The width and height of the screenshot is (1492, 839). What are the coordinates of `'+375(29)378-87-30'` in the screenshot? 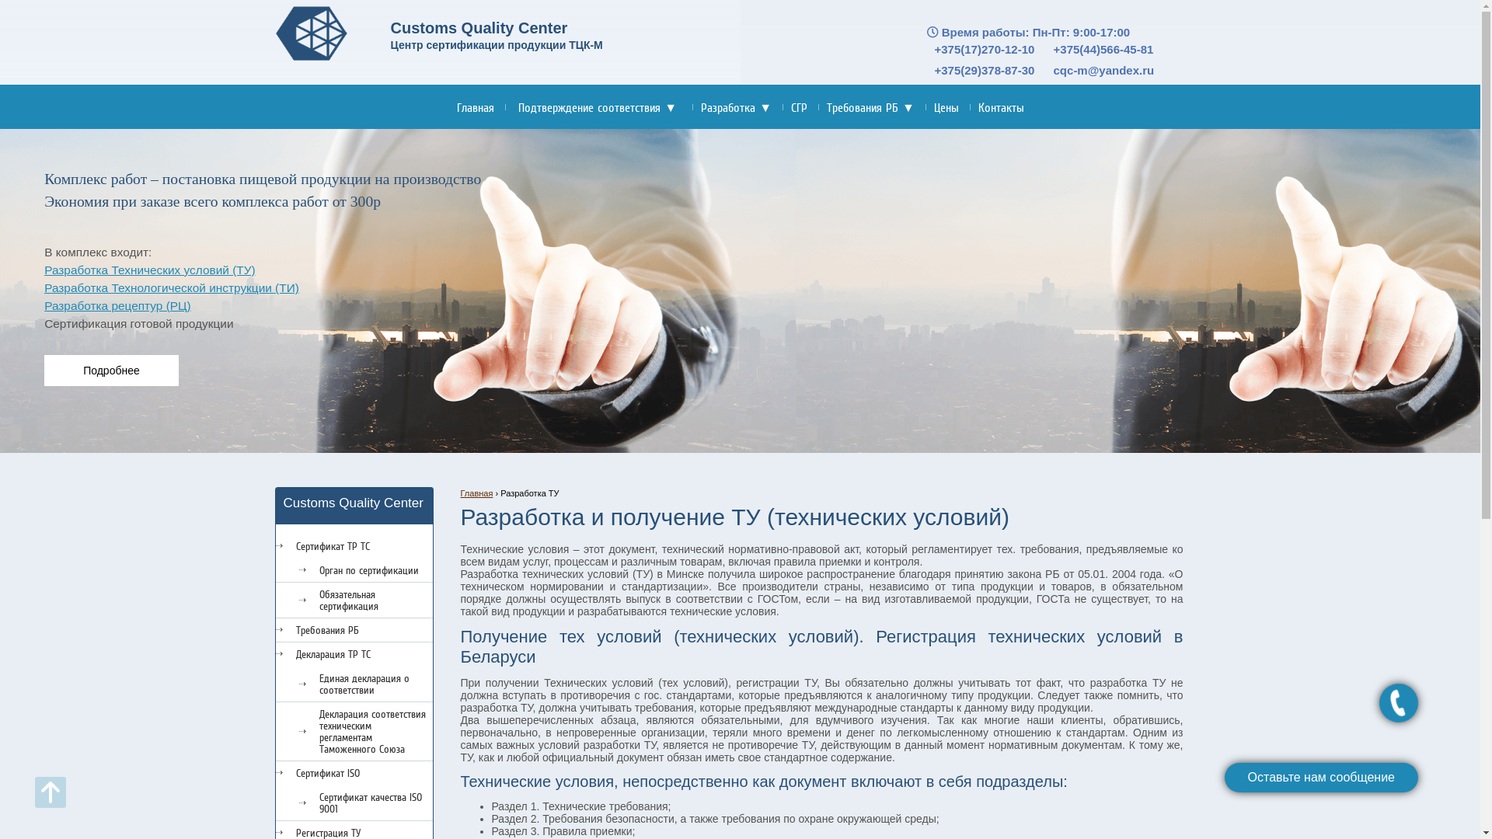 It's located at (983, 70).